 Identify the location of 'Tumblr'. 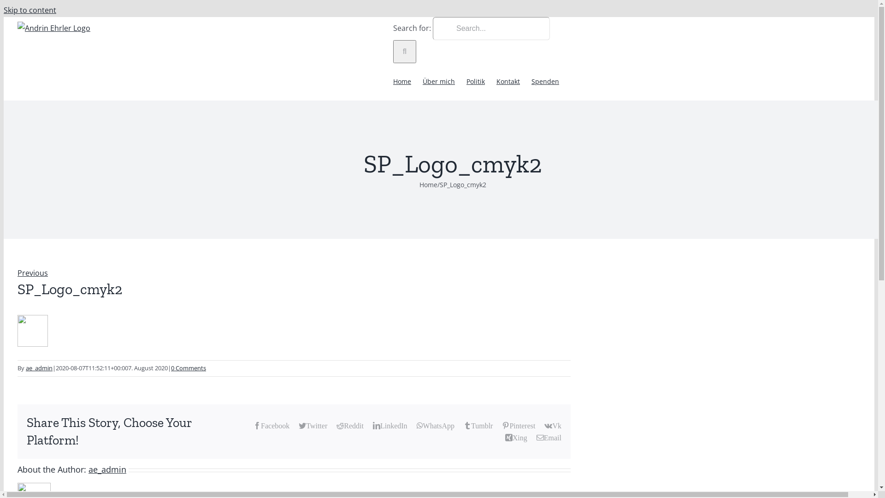
(478, 425).